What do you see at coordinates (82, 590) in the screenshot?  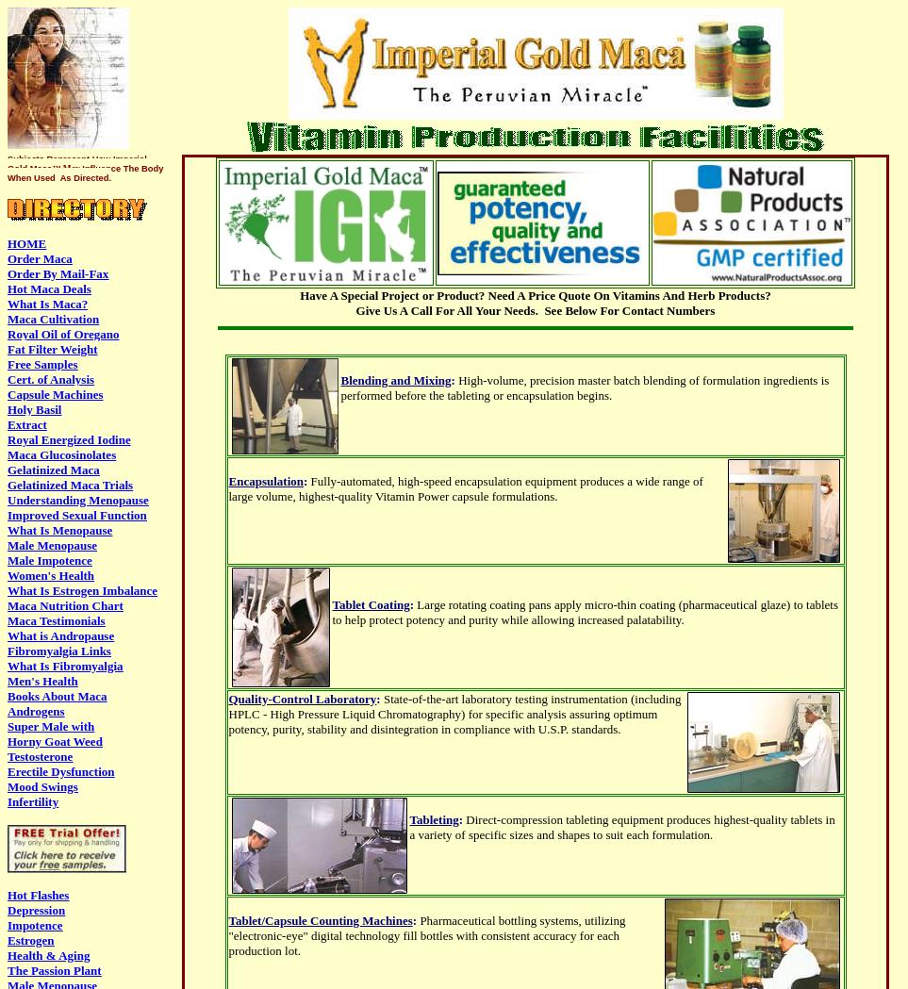 I see `'What Is Estrogen Imbalance'` at bounding box center [82, 590].